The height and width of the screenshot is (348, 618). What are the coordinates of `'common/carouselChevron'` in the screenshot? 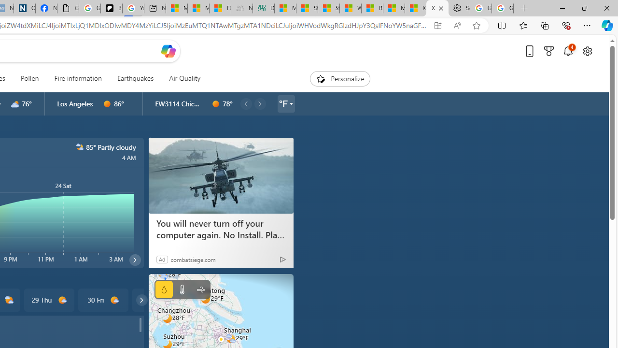 It's located at (141, 300).